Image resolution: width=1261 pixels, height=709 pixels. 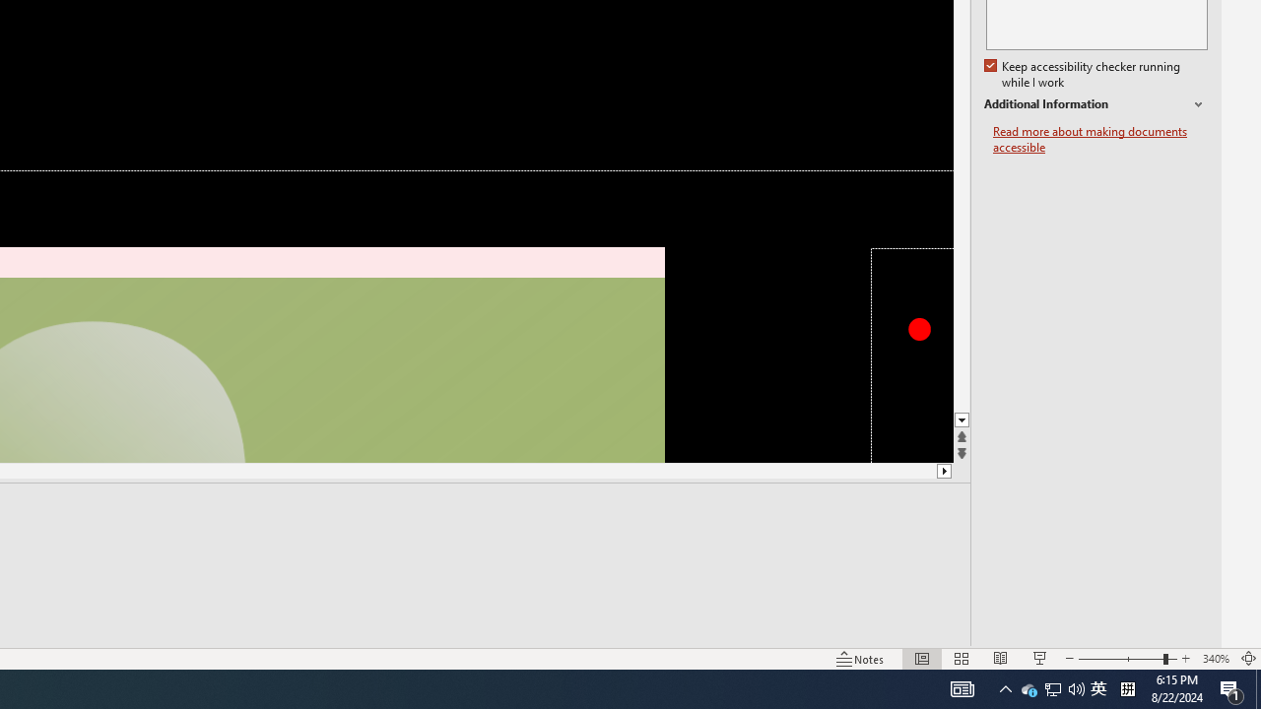 What do you see at coordinates (1215, 659) in the screenshot?
I see `'Zoom 340%'` at bounding box center [1215, 659].